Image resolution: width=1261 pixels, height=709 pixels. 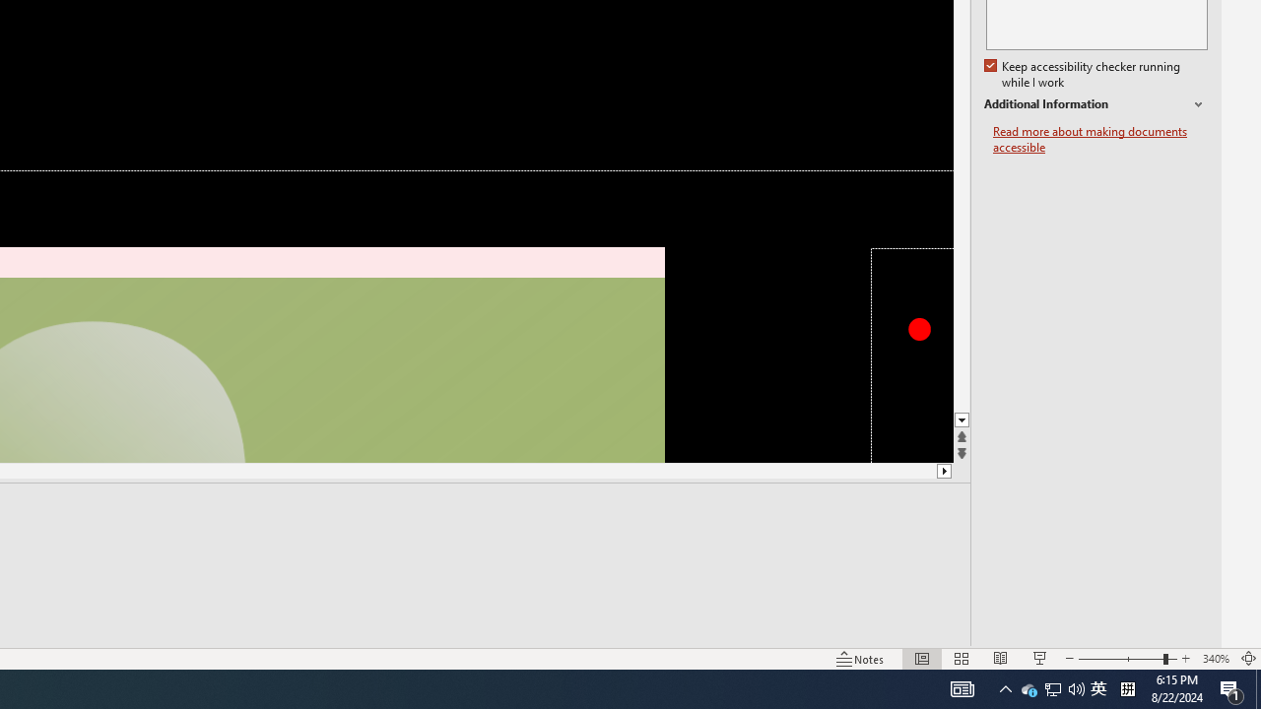 What do you see at coordinates (1215, 659) in the screenshot?
I see `'Zoom 340%'` at bounding box center [1215, 659].